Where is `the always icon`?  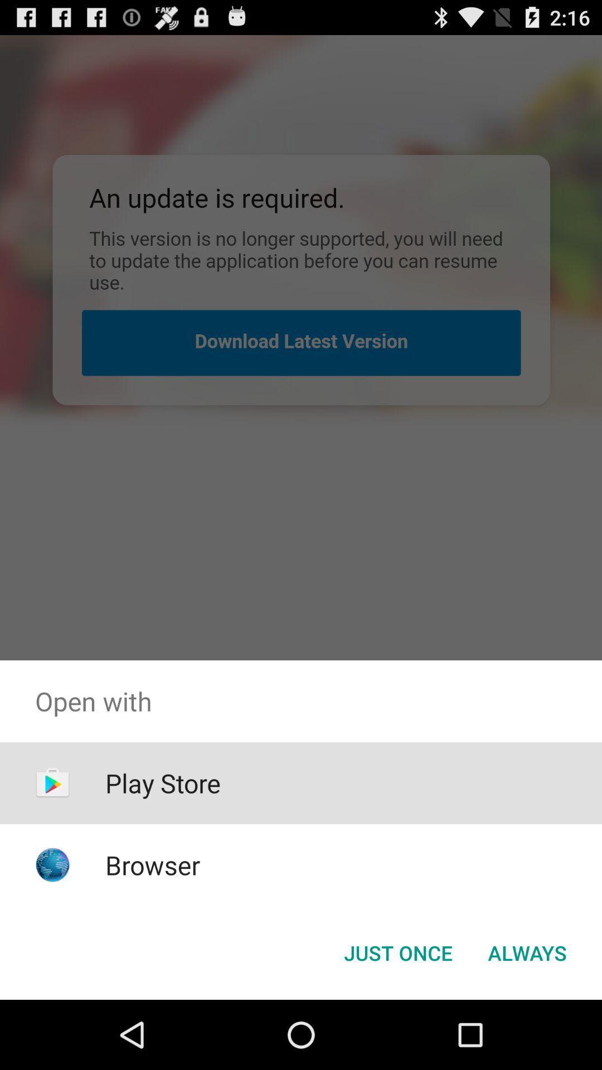 the always icon is located at coordinates (527, 952).